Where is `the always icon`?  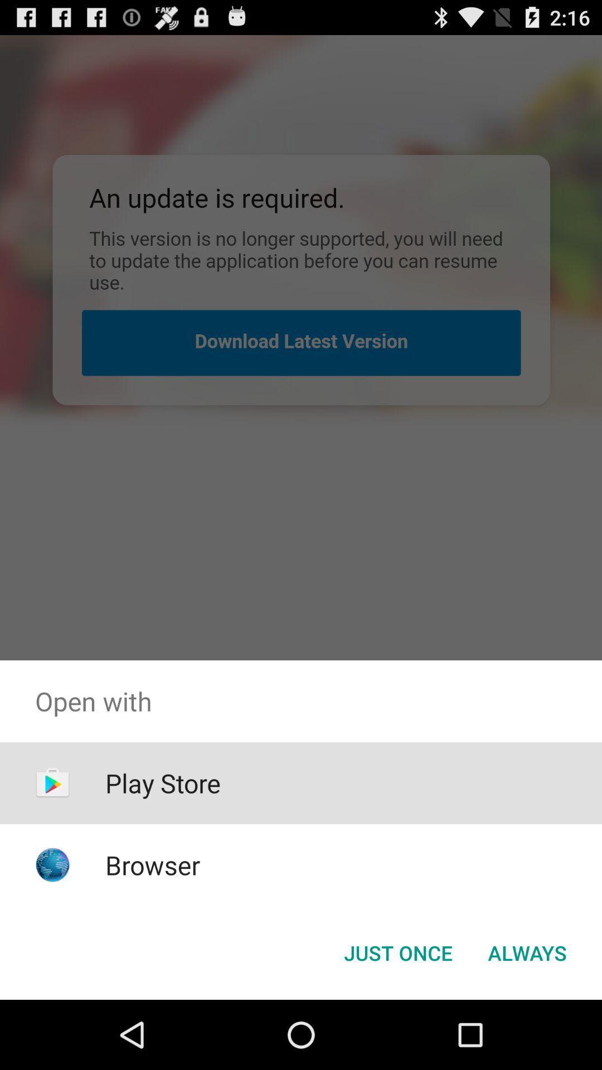 the always icon is located at coordinates (527, 952).